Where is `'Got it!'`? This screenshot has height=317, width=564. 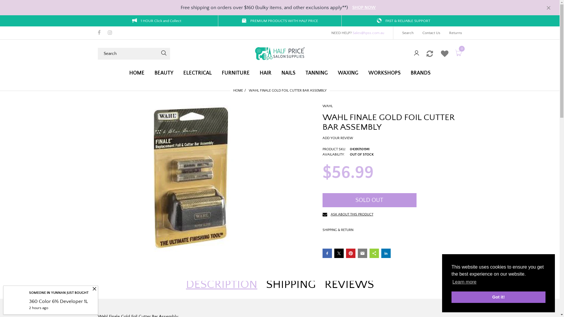
'Got it!' is located at coordinates (498, 297).